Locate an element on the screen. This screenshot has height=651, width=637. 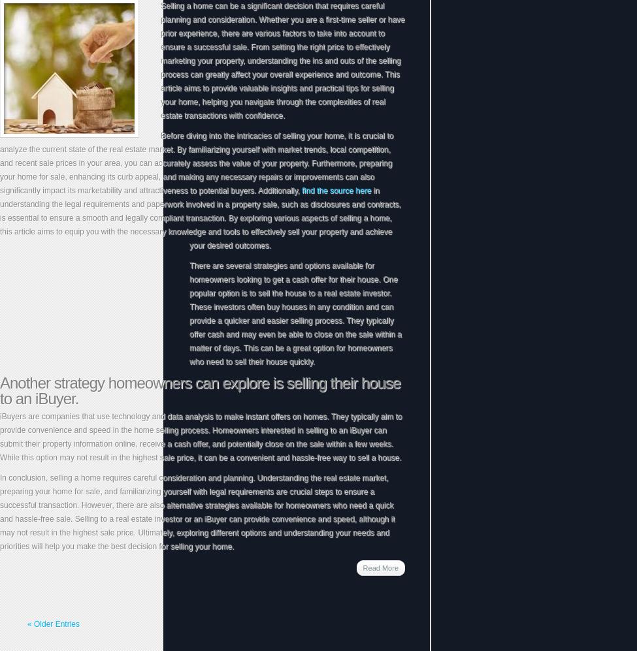
'There are several strategies and options available for homeowners looking to get a cash offer for their house. One popular option is to sell the house to a real estate investor. These investors often buy houses in any condition and can provide a quicker and easier selling process. They typically offer cash and may even be able to close on the sale within a matter of days. This can be a great option for homeowners who need to sell their house quickly.' is located at coordinates (295, 313).